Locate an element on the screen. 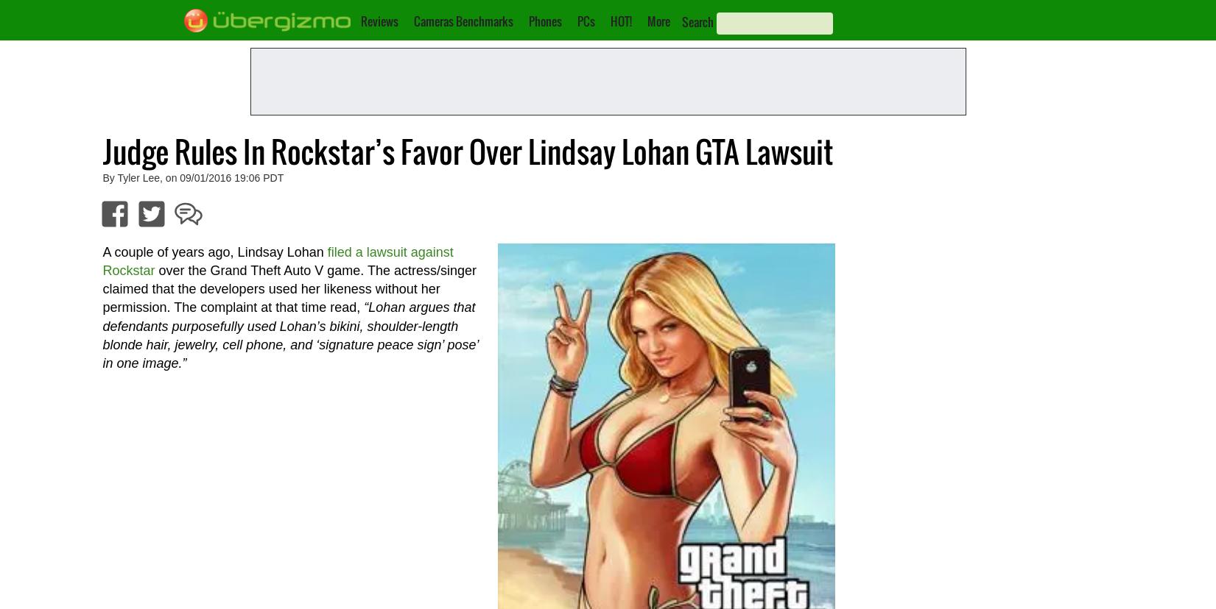  'Cameras Benchmarks' is located at coordinates (463, 21).